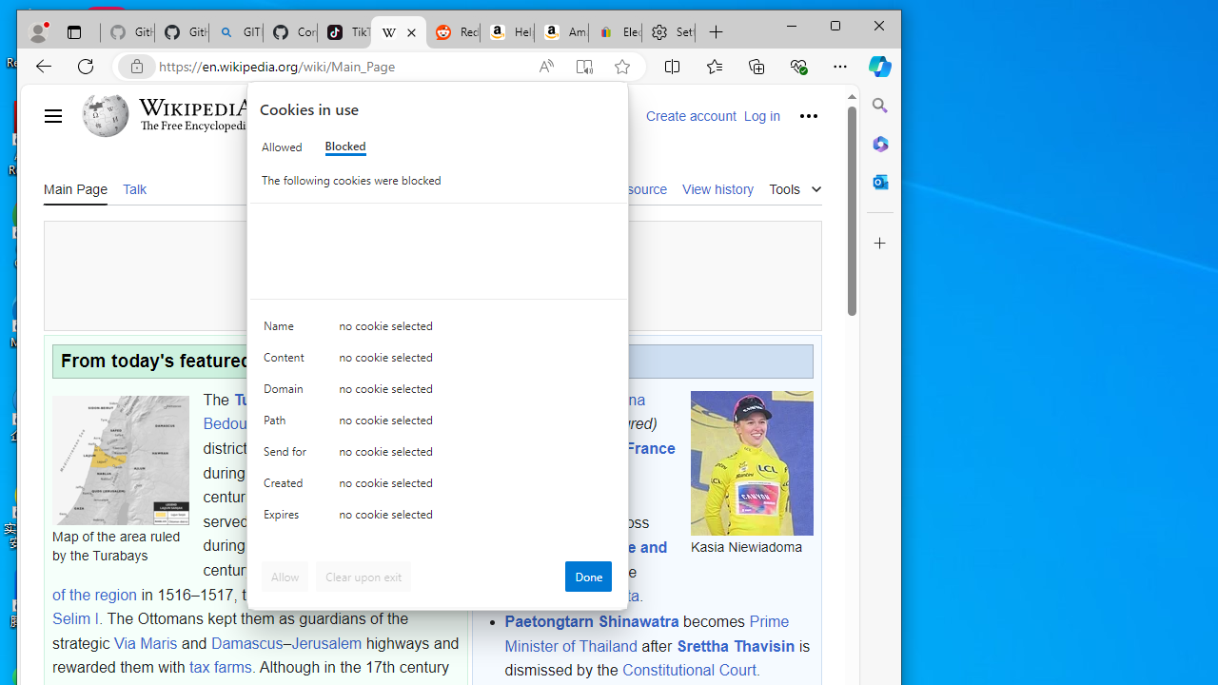 Image resolution: width=1218 pixels, height=685 pixels. Describe the element at coordinates (344, 146) in the screenshot. I see `'Blocked'` at that location.